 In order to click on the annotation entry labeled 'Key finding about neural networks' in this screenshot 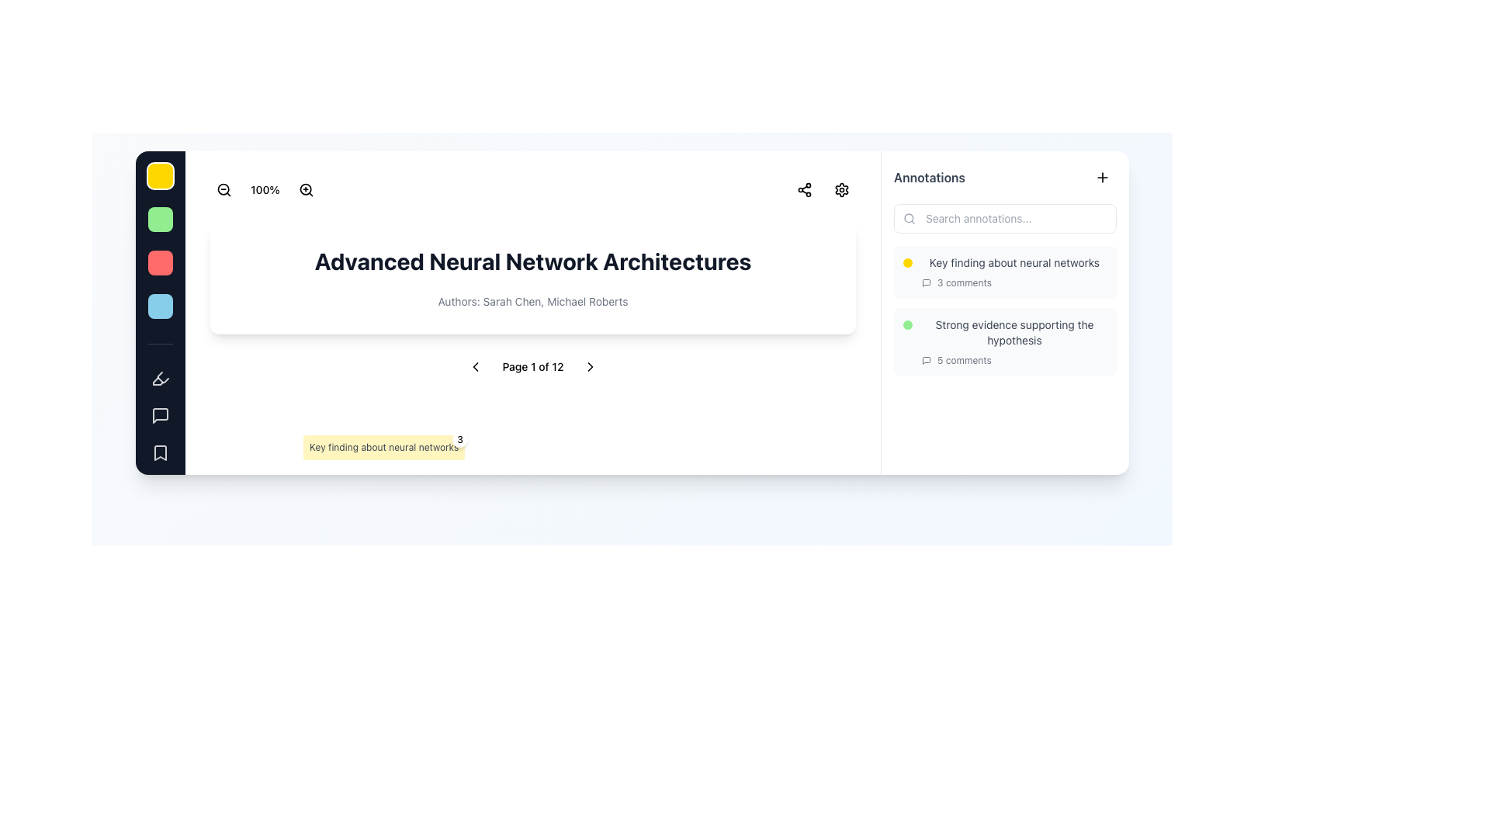, I will do `click(1005, 272)`.